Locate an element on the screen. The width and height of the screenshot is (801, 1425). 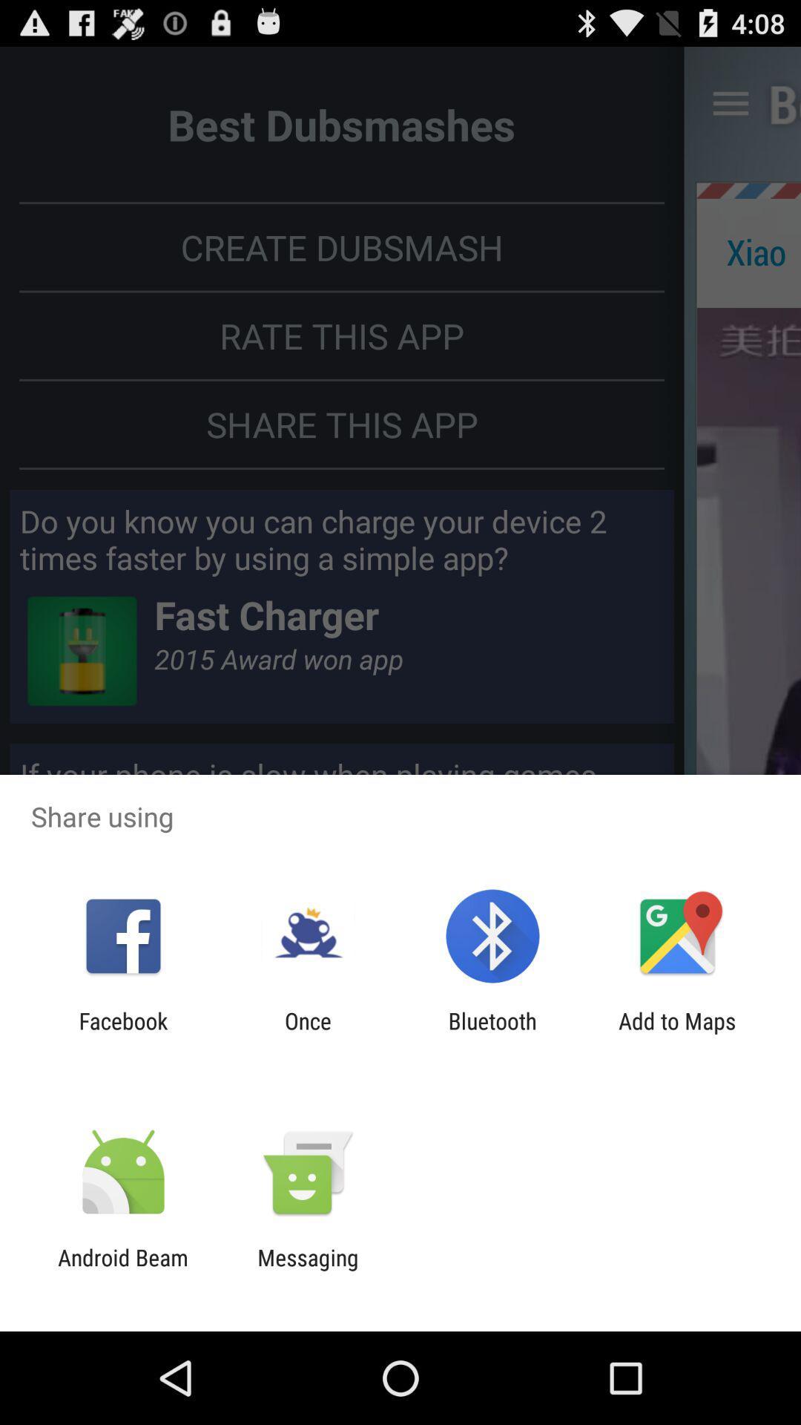
icon at the bottom right corner is located at coordinates (677, 1033).